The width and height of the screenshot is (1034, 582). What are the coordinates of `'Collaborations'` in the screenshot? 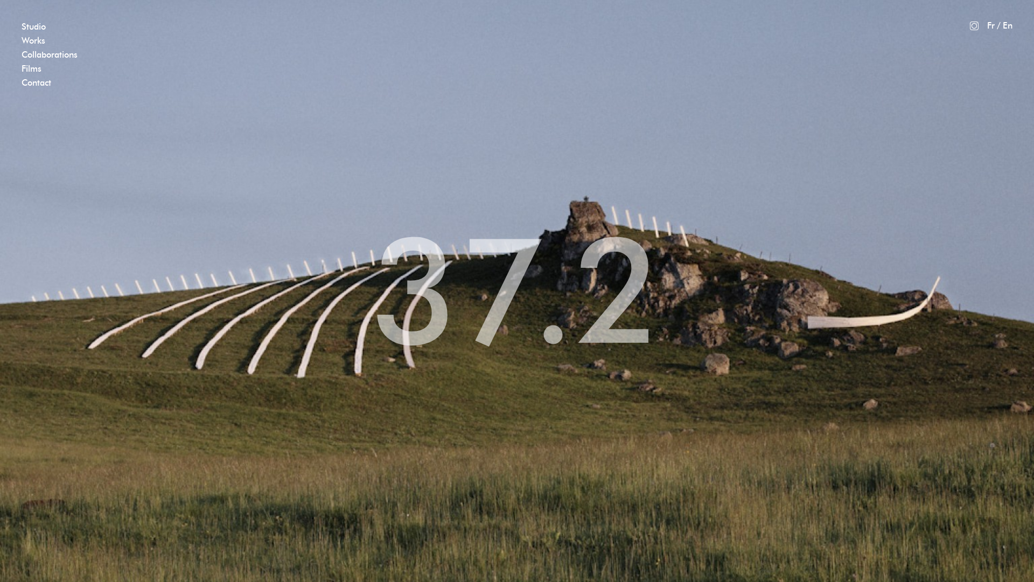 It's located at (48, 54).